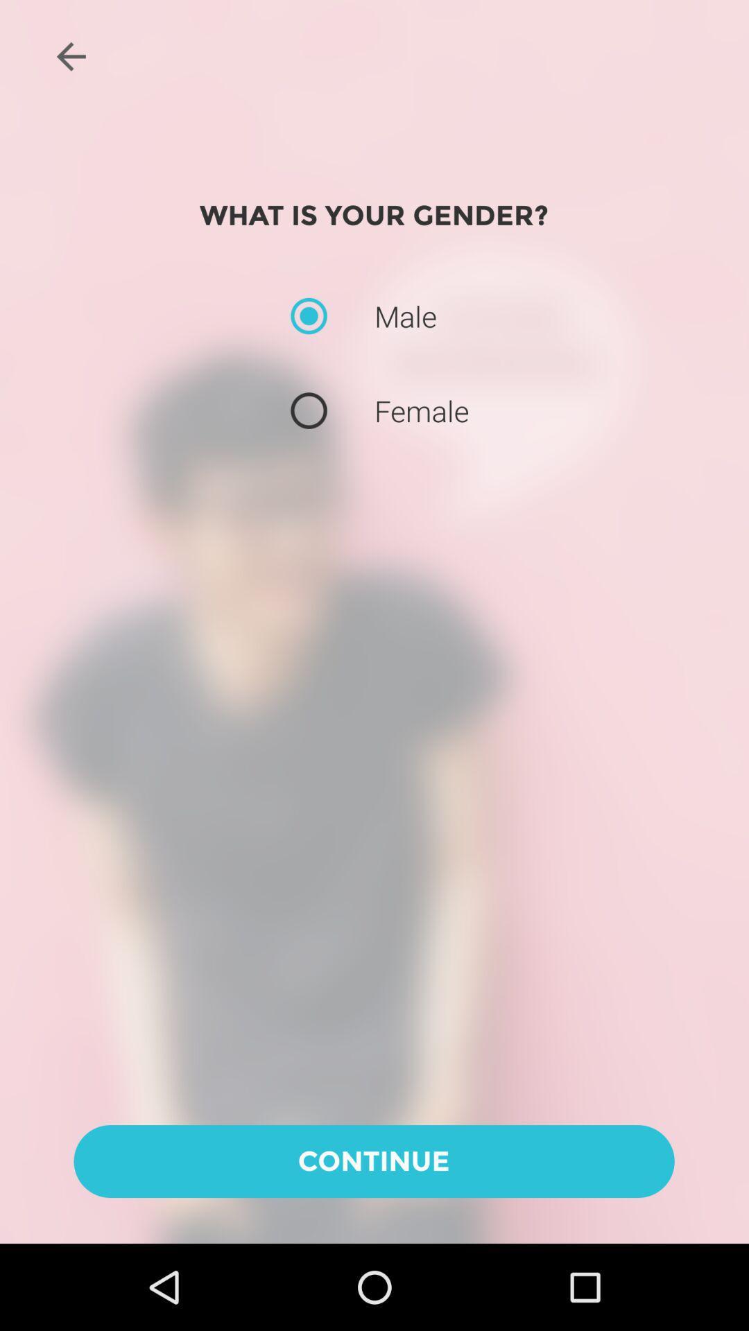  Describe the element at coordinates (71, 55) in the screenshot. I see `the arrow_backward icon` at that location.